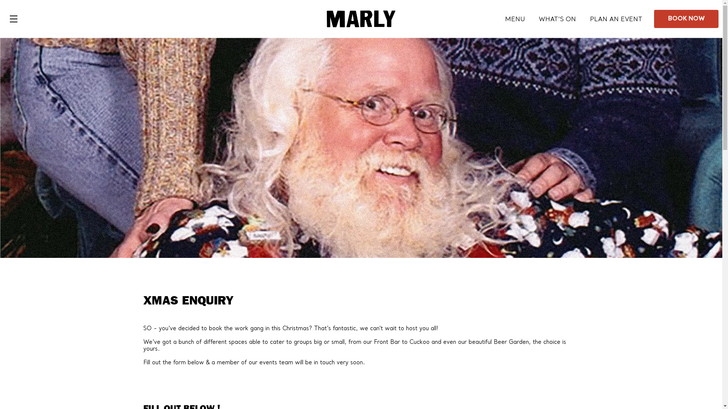 The height and width of the screenshot is (409, 728). I want to click on 'MENU', so click(515, 19).